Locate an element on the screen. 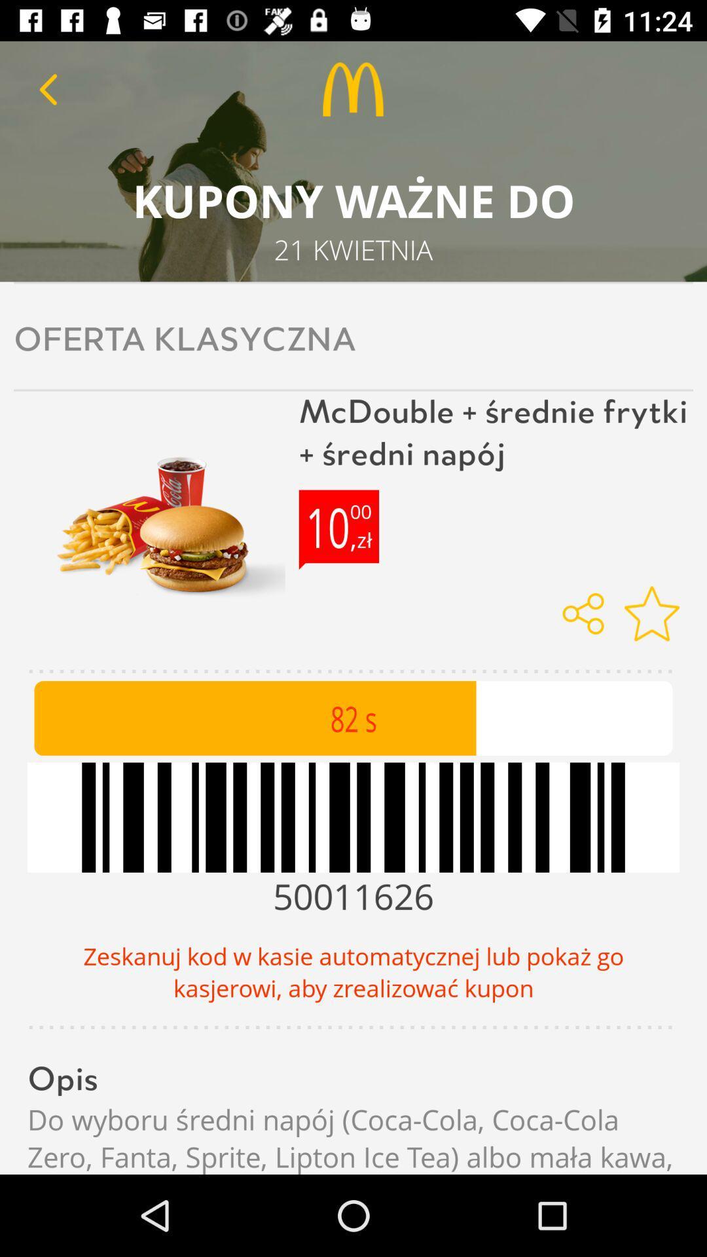  go back is located at coordinates (47, 88).